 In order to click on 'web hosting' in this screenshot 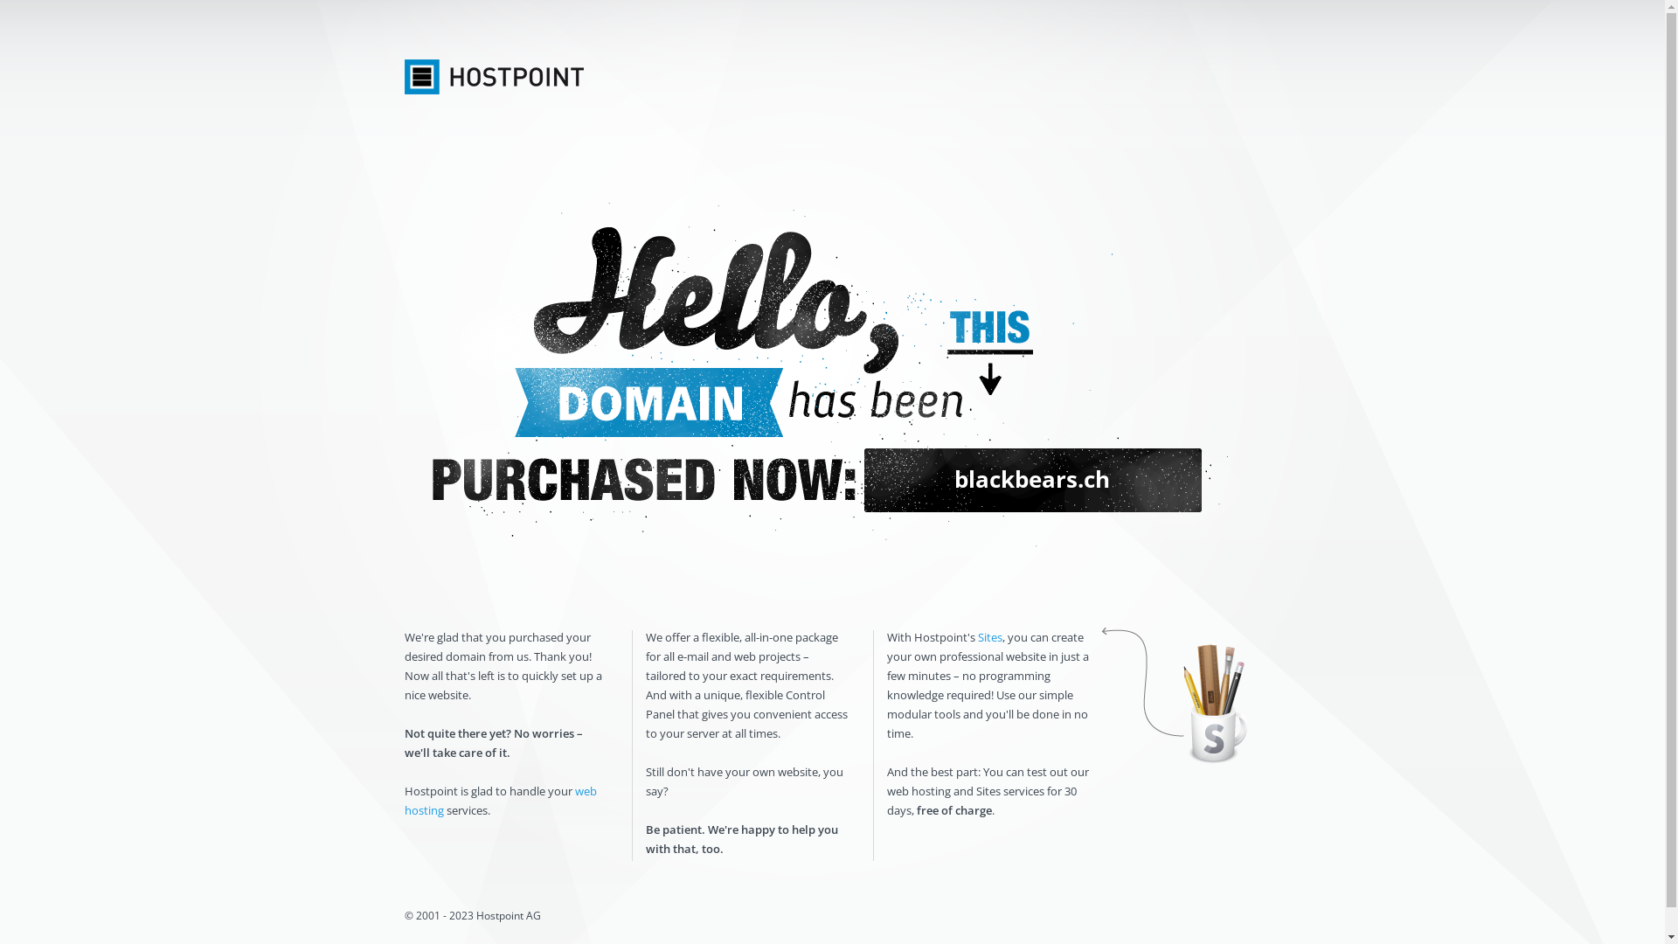, I will do `click(498, 800)`.